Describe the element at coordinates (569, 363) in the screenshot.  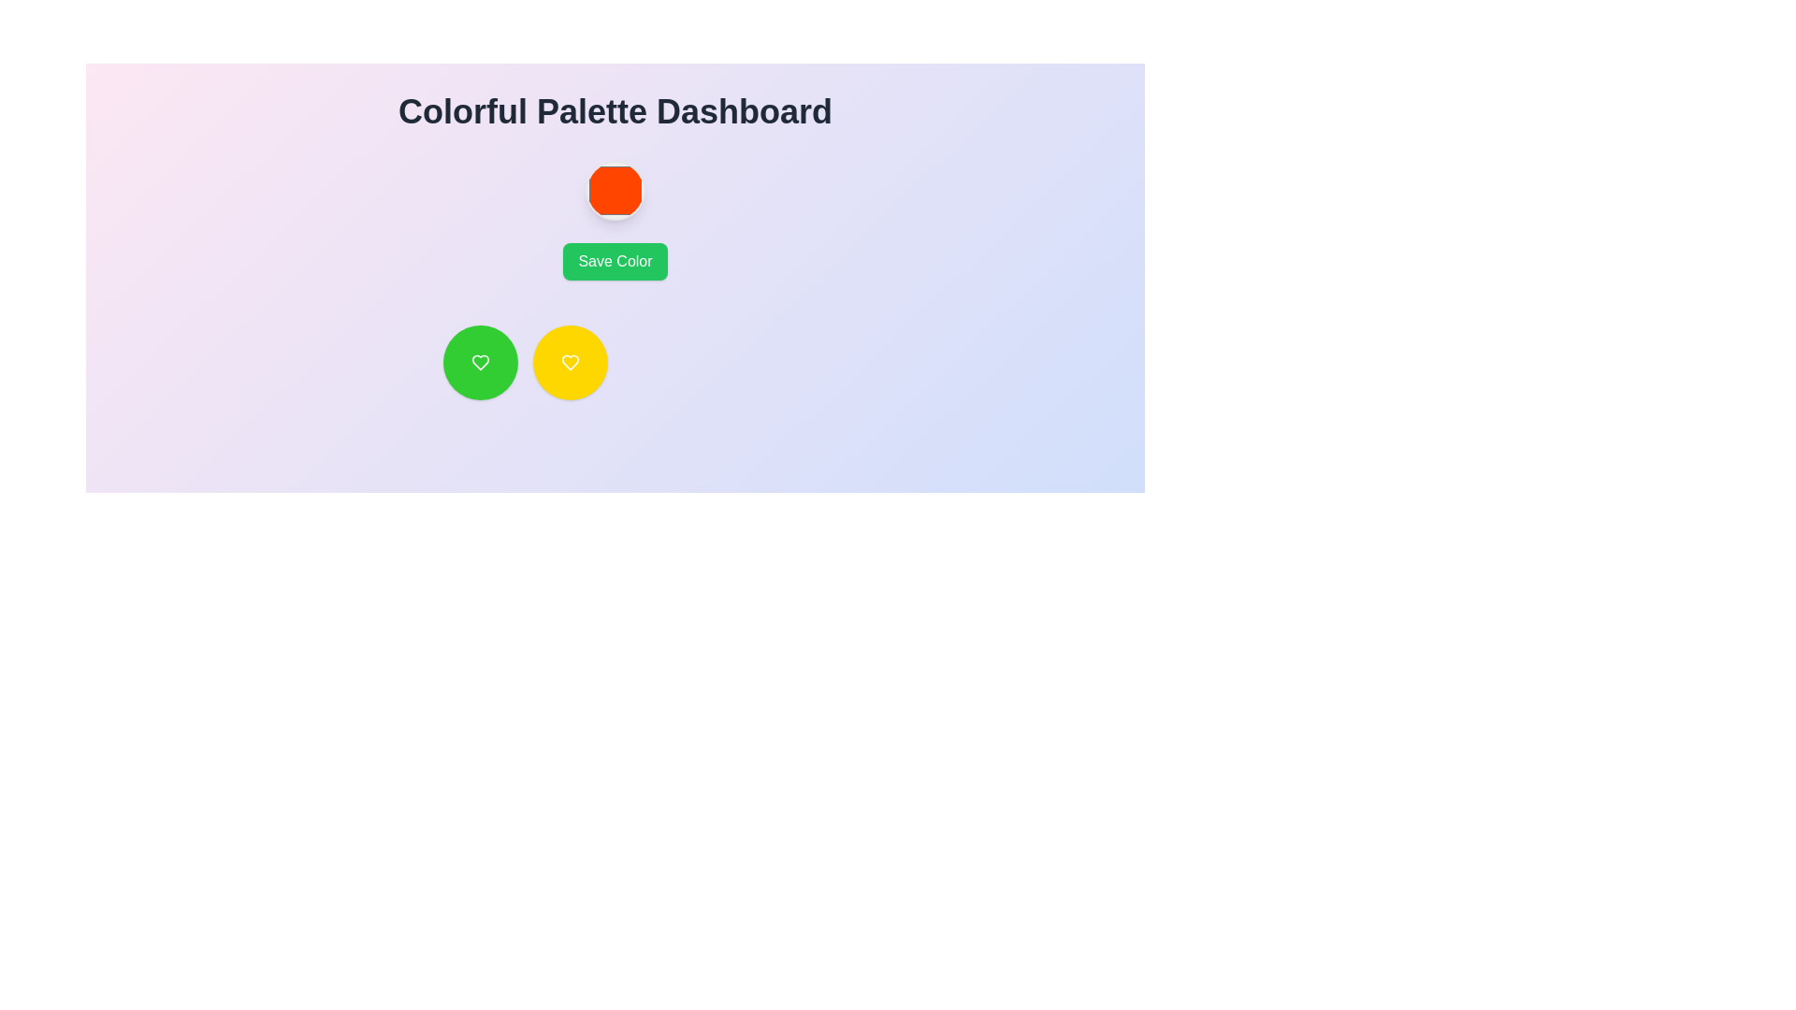
I see `the second button in the row below the 'Save Color' button, which is located` at that location.